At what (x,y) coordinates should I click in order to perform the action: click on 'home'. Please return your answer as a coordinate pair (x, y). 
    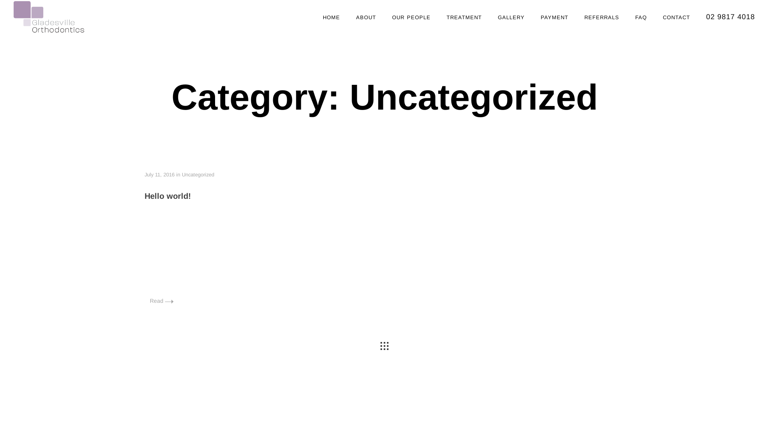
    Looking at the image, I should click on (314, 17).